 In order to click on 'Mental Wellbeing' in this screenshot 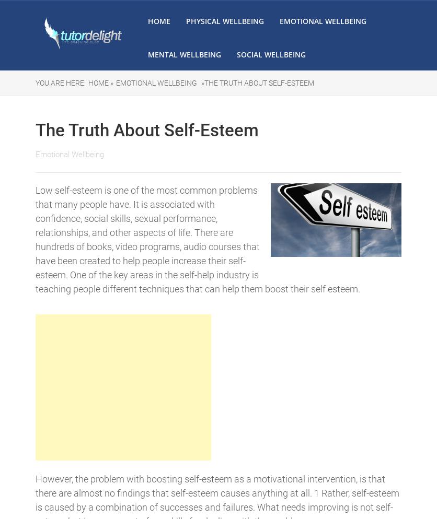, I will do `click(183, 54)`.